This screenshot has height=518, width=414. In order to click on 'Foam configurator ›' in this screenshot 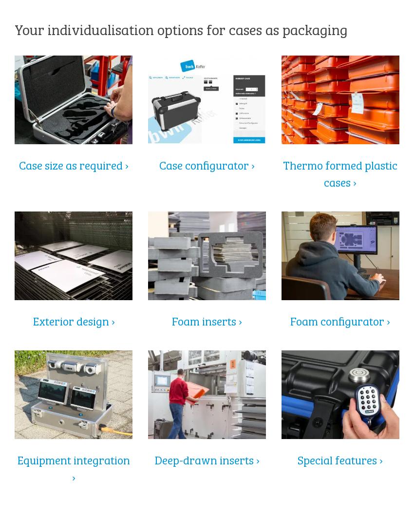, I will do `click(339, 319)`.